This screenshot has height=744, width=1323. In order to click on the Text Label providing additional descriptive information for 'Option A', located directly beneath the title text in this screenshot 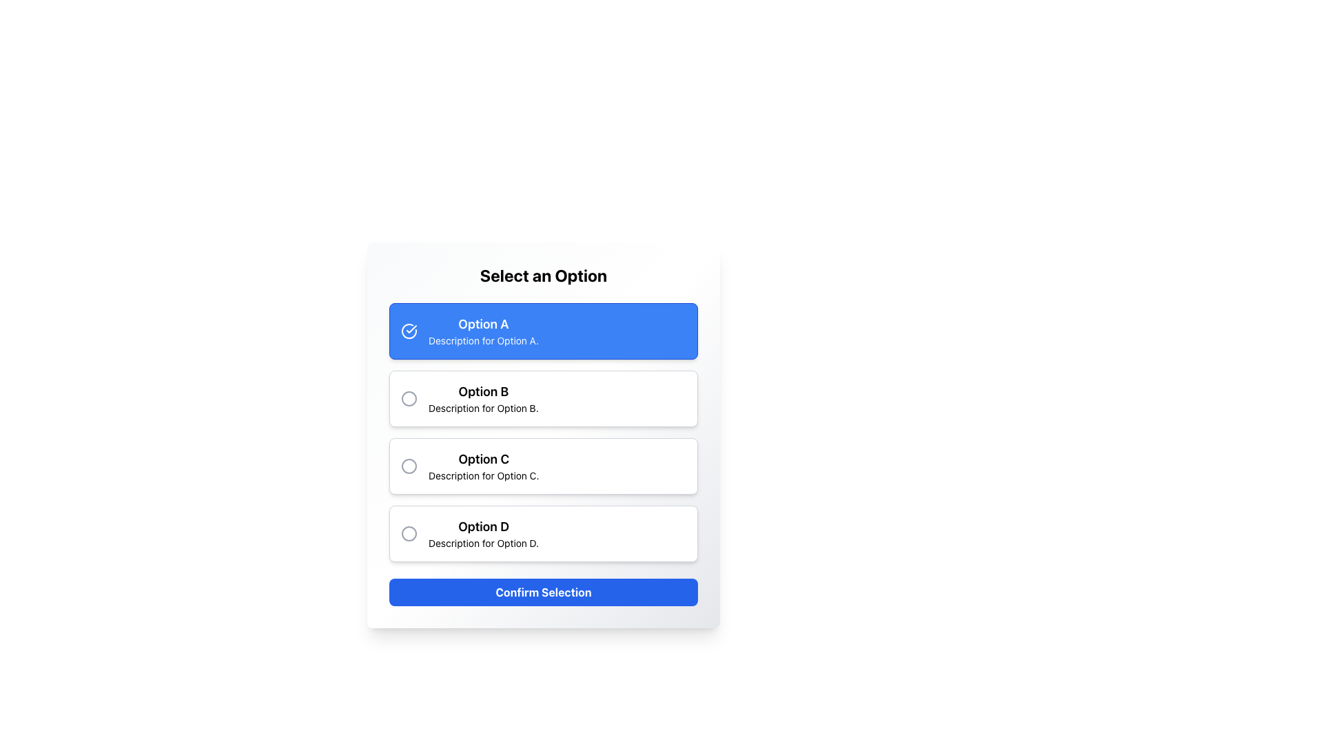, I will do `click(483, 340)`.